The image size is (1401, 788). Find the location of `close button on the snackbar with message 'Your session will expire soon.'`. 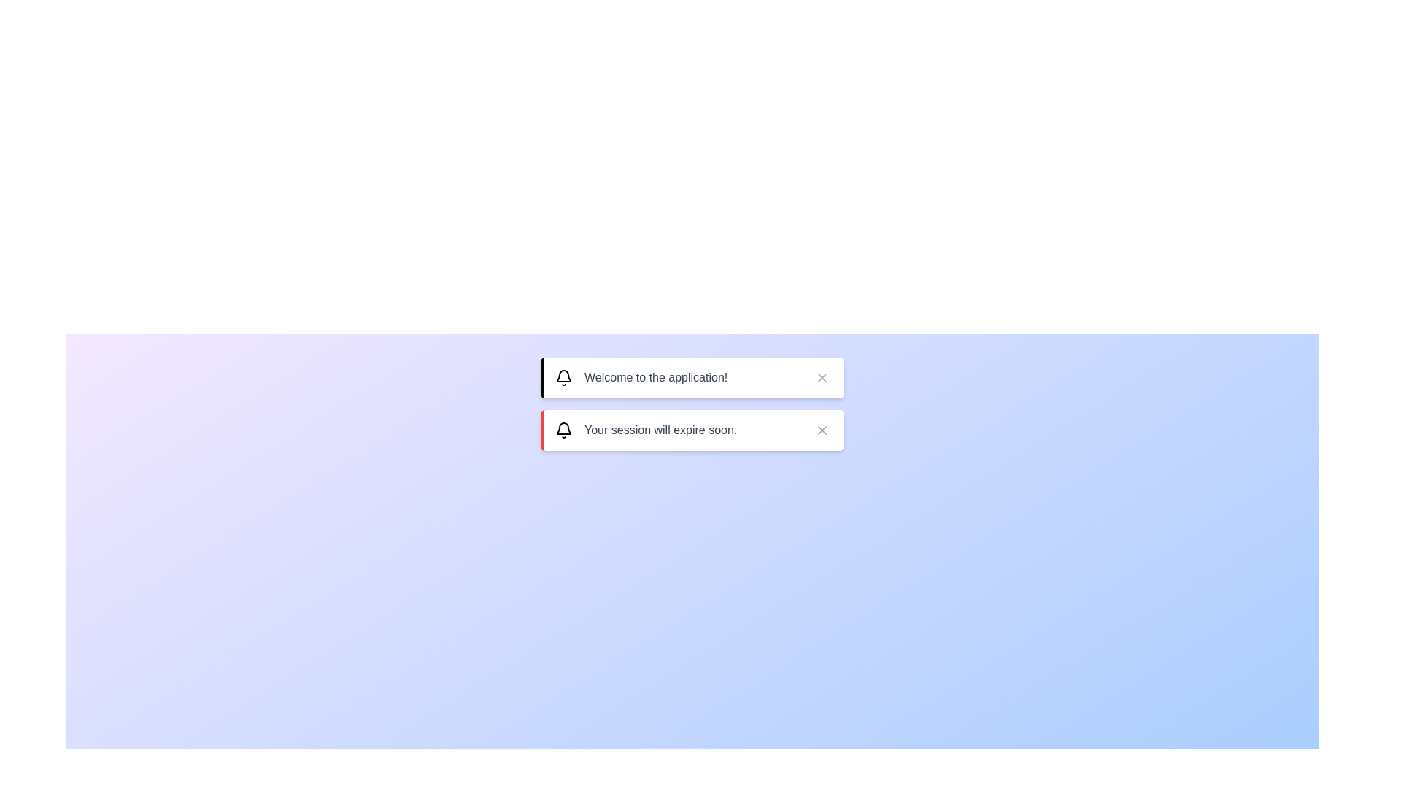

close button on the snackbar with message 'Your session will expire soon.' is located at coordinates (822, 430).